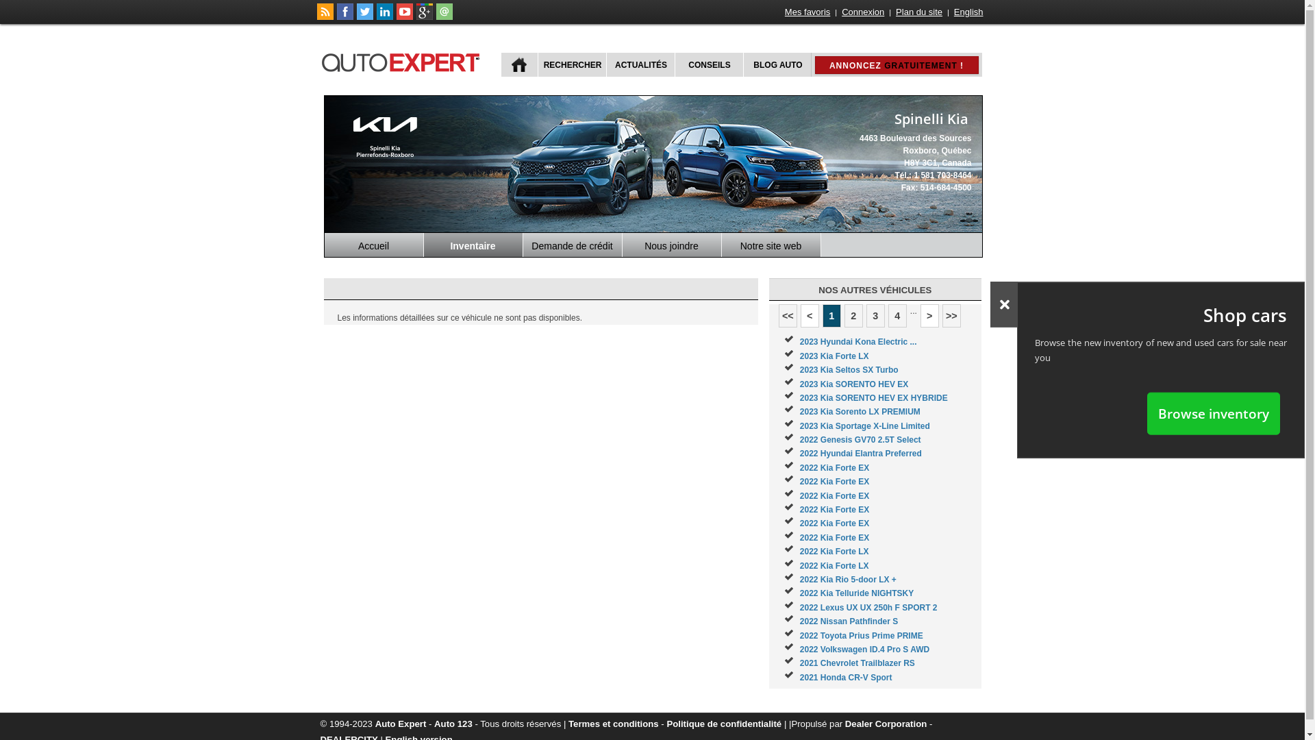 Image resolution: width=1315 pixels, height=740 pixels. I want to click on 'Nous joindre', so click(671, 244).